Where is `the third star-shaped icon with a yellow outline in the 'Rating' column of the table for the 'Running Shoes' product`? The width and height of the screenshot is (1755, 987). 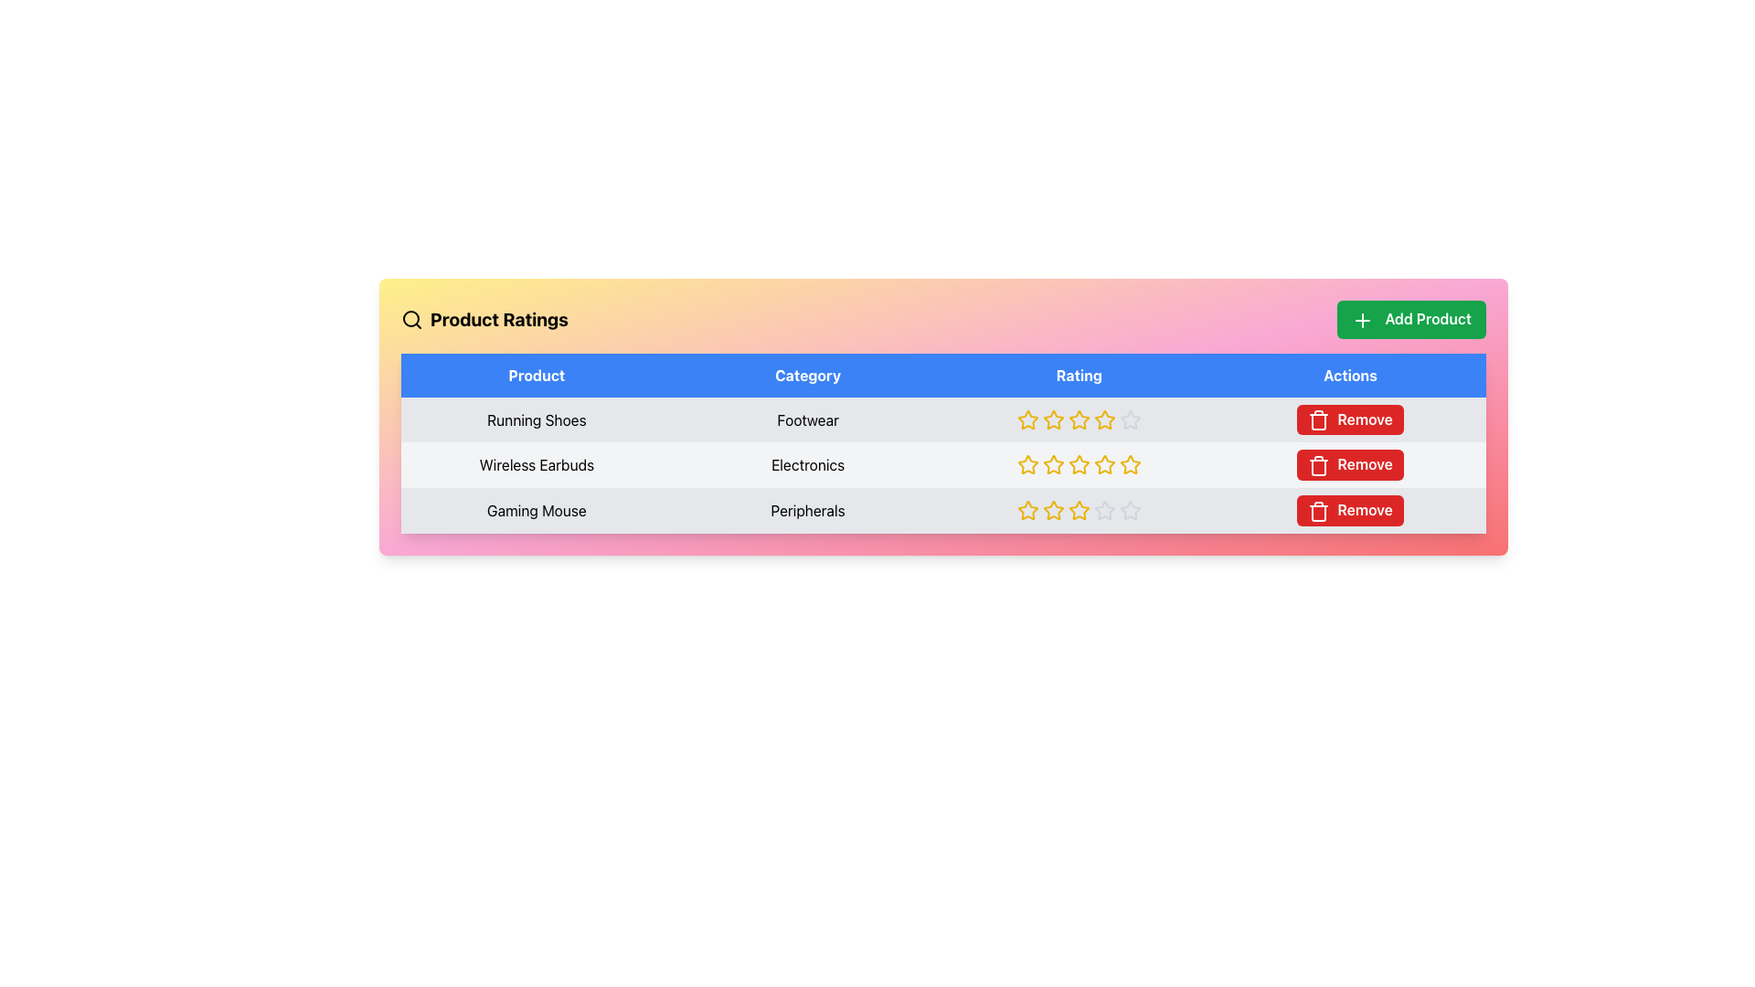
the third star-shaped icon with a yellow outline in the 'Rating' column of the table for the 'Running Shoes' product is located at coordinates (1103, 419).